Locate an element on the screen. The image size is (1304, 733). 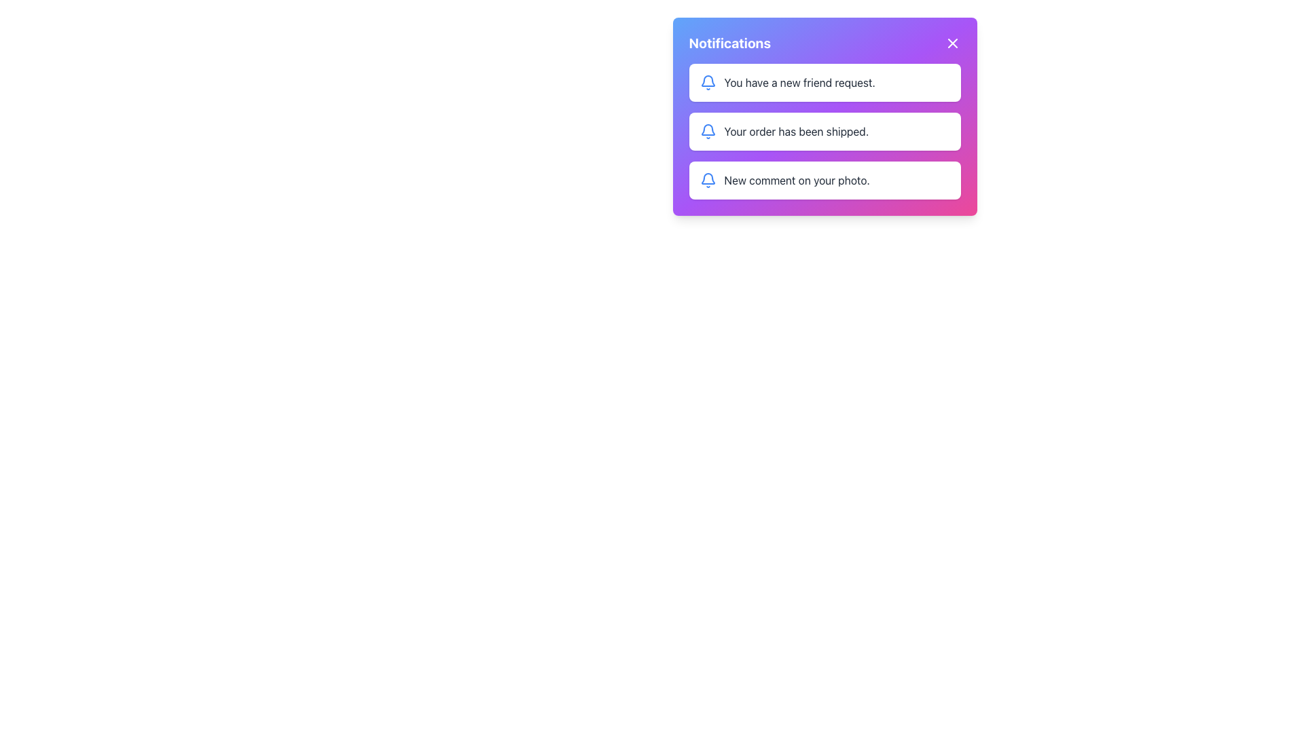
the notification card displaying 'Your order has been shipped.' located in the Notifications section is located at coordinates (824, 131).